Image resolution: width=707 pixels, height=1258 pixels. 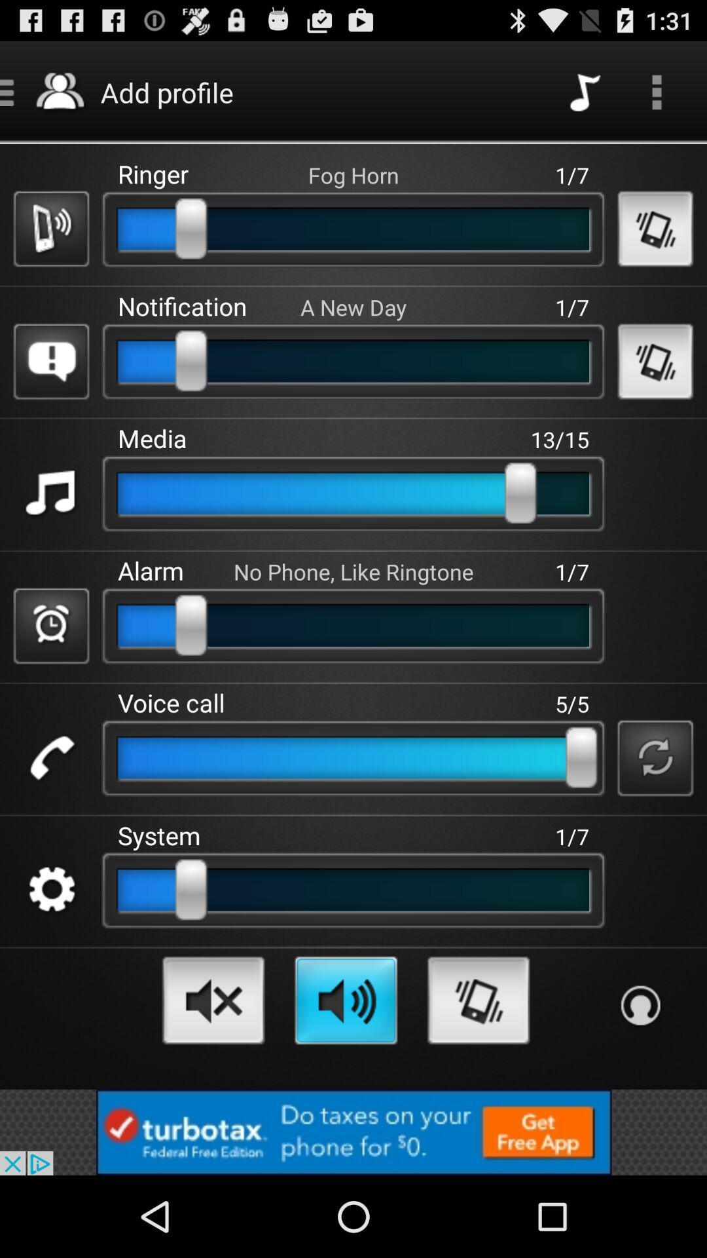 I want to click on voice call volume option, so click(x=50, y=758).